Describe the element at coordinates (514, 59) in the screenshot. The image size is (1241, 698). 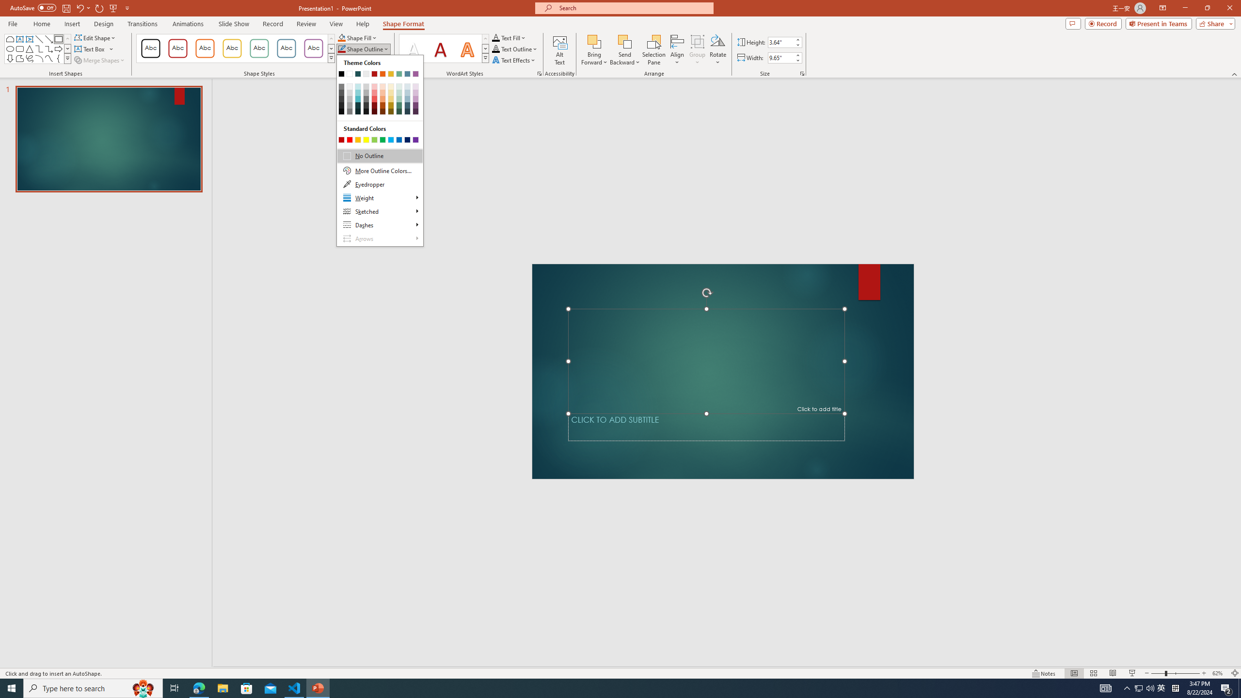
I see `'Text Effects'` at that location.